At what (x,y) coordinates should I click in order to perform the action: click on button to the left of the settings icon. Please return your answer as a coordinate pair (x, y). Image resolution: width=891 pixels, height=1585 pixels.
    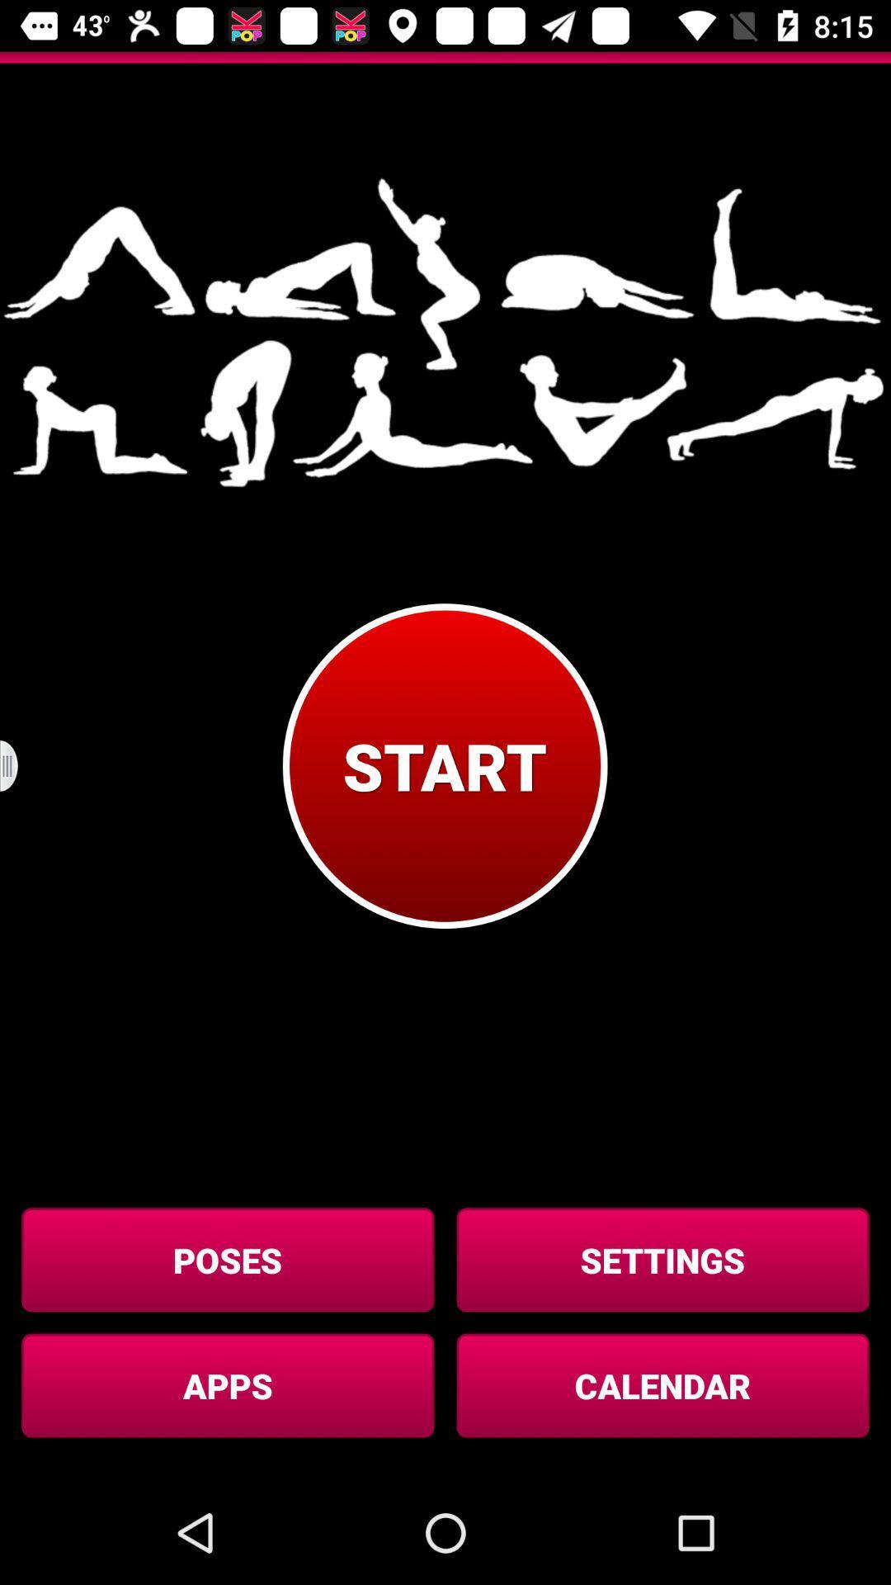
    Looking at the image, I should click on (228, 1259).